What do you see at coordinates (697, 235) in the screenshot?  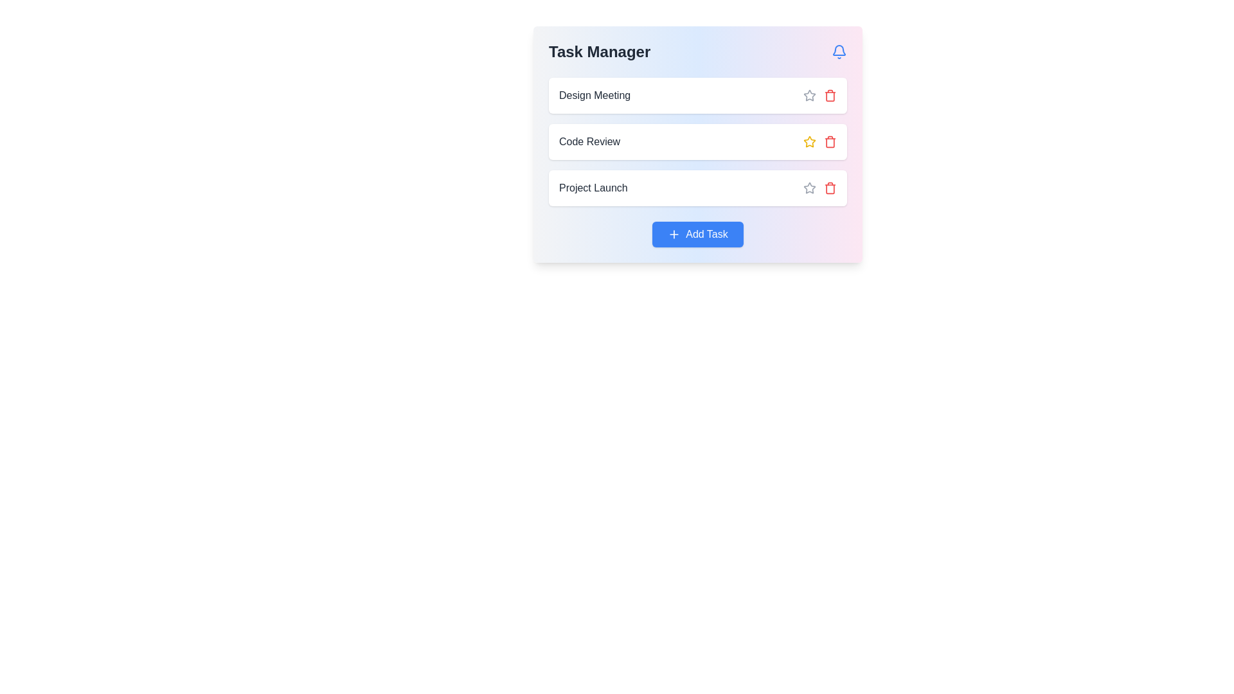 I see `the button at the bottom center of the 'Task Manager' interface` at bounding box center [697, 235].